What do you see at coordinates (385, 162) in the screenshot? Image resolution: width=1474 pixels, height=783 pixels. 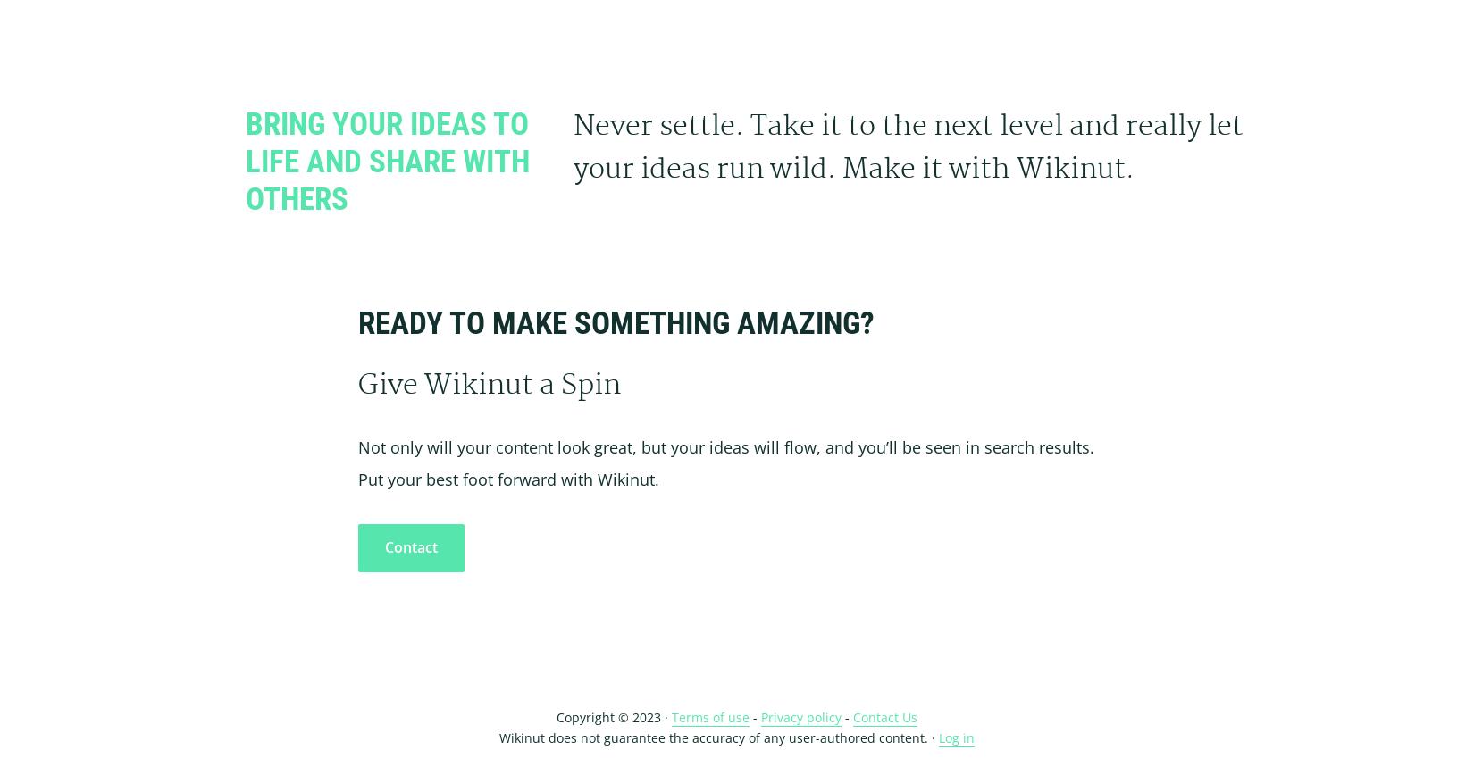 I see `'Bring Your Ideas To Life and Share With Others'` at bounding box center [385, 162].